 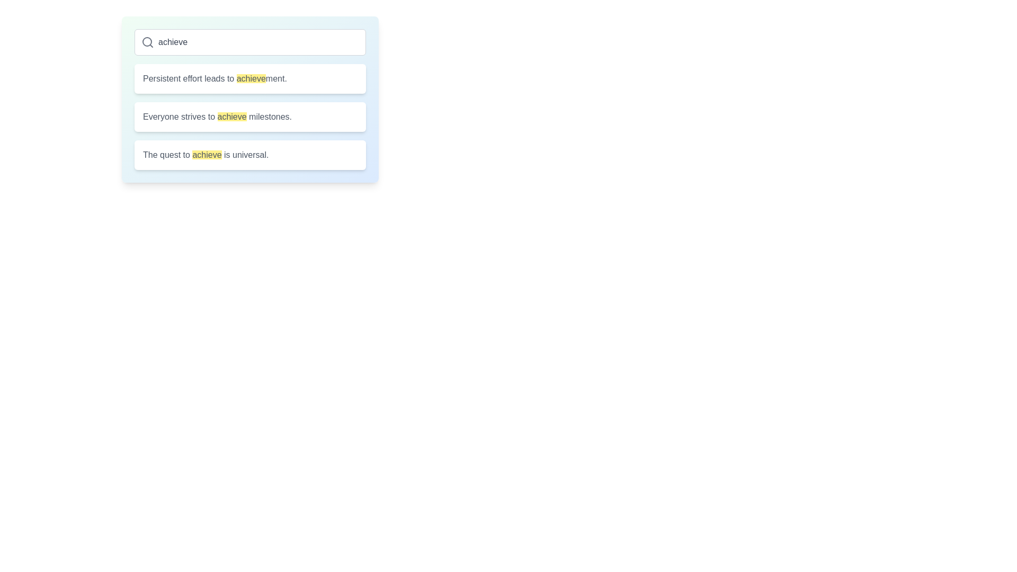 What do you see at coordinates (249, 117) in the screenshot?
I see `the Vertical List Component containing three stylized cards with the highlighted word 'achieve' to observe interaction highlights` at bounding box center [249, 117].